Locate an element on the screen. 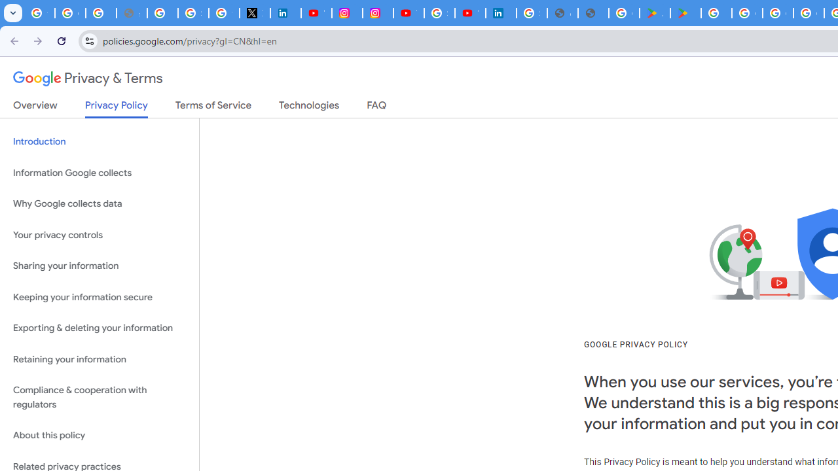 The image size is (838, 471). 'Android Apps on Google Play' is located at coordinates (655, 13).